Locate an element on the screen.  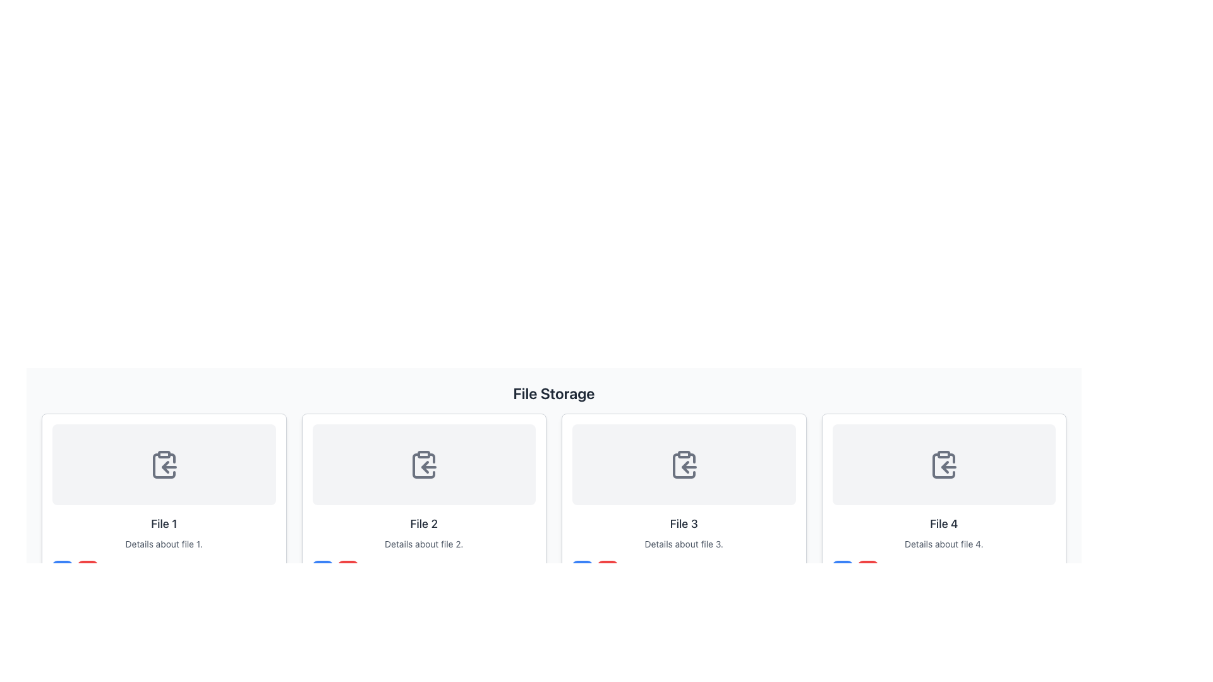
the delete icon located in the red button below the 'File 3' card is located at coordinates (607, 570).